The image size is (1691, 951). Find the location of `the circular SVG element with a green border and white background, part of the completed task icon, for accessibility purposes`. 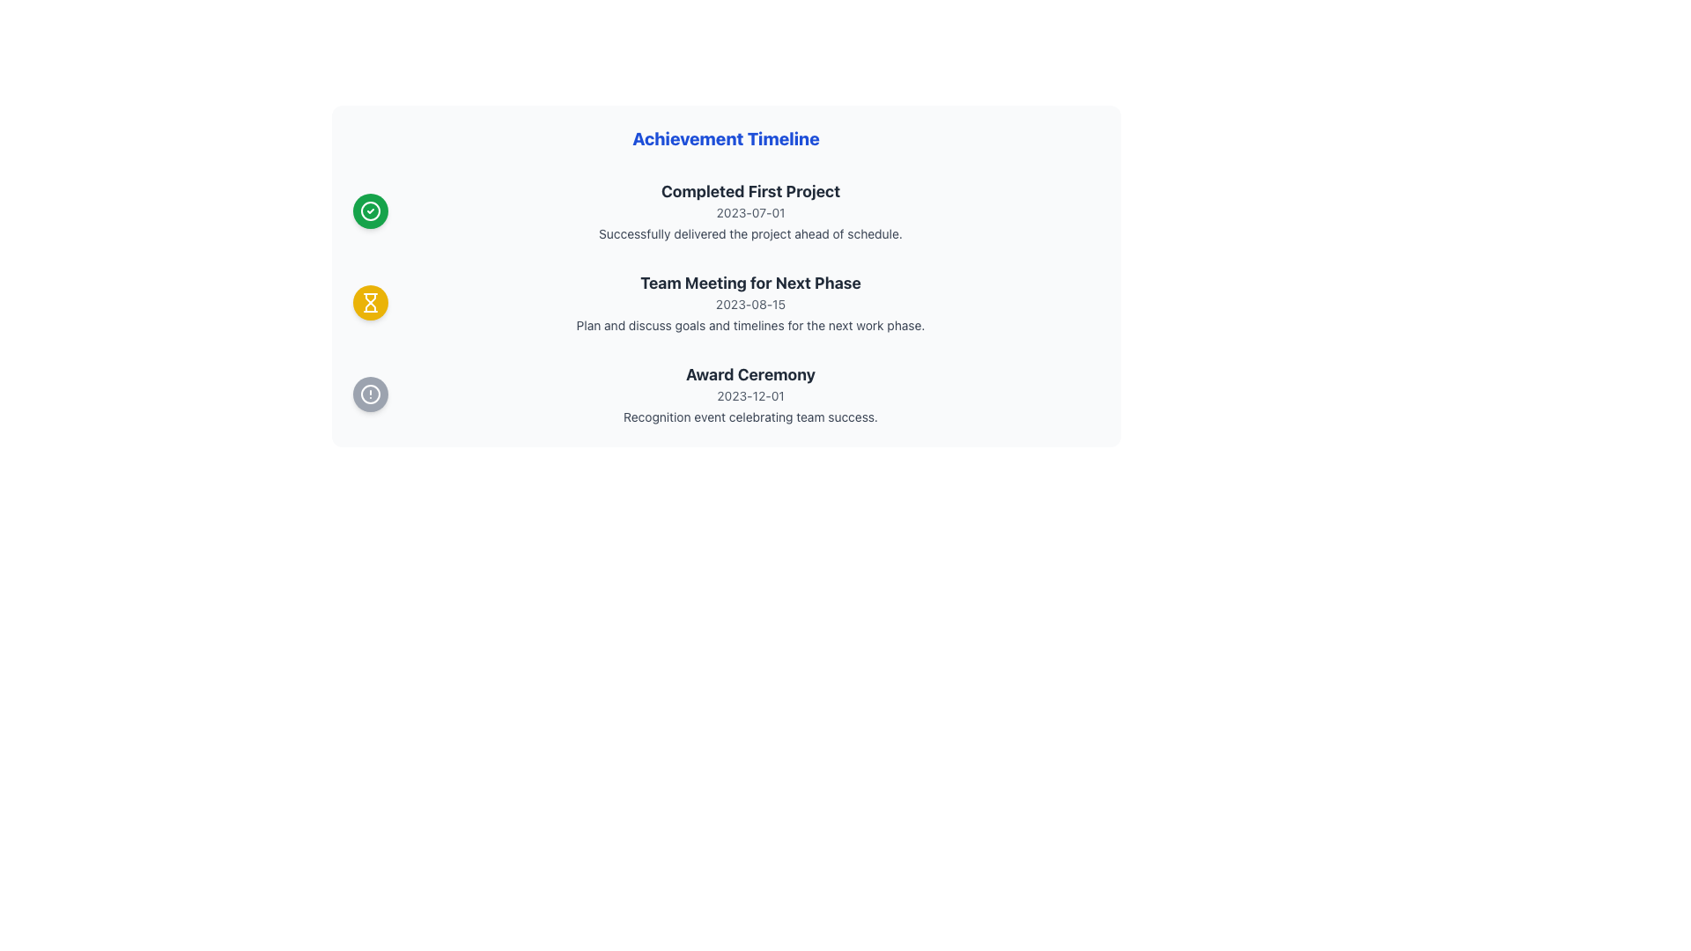

the circular SVG element with a green border and white background, part of the completed task icon, for accessibility purposes is located at coordinates (369, 210).